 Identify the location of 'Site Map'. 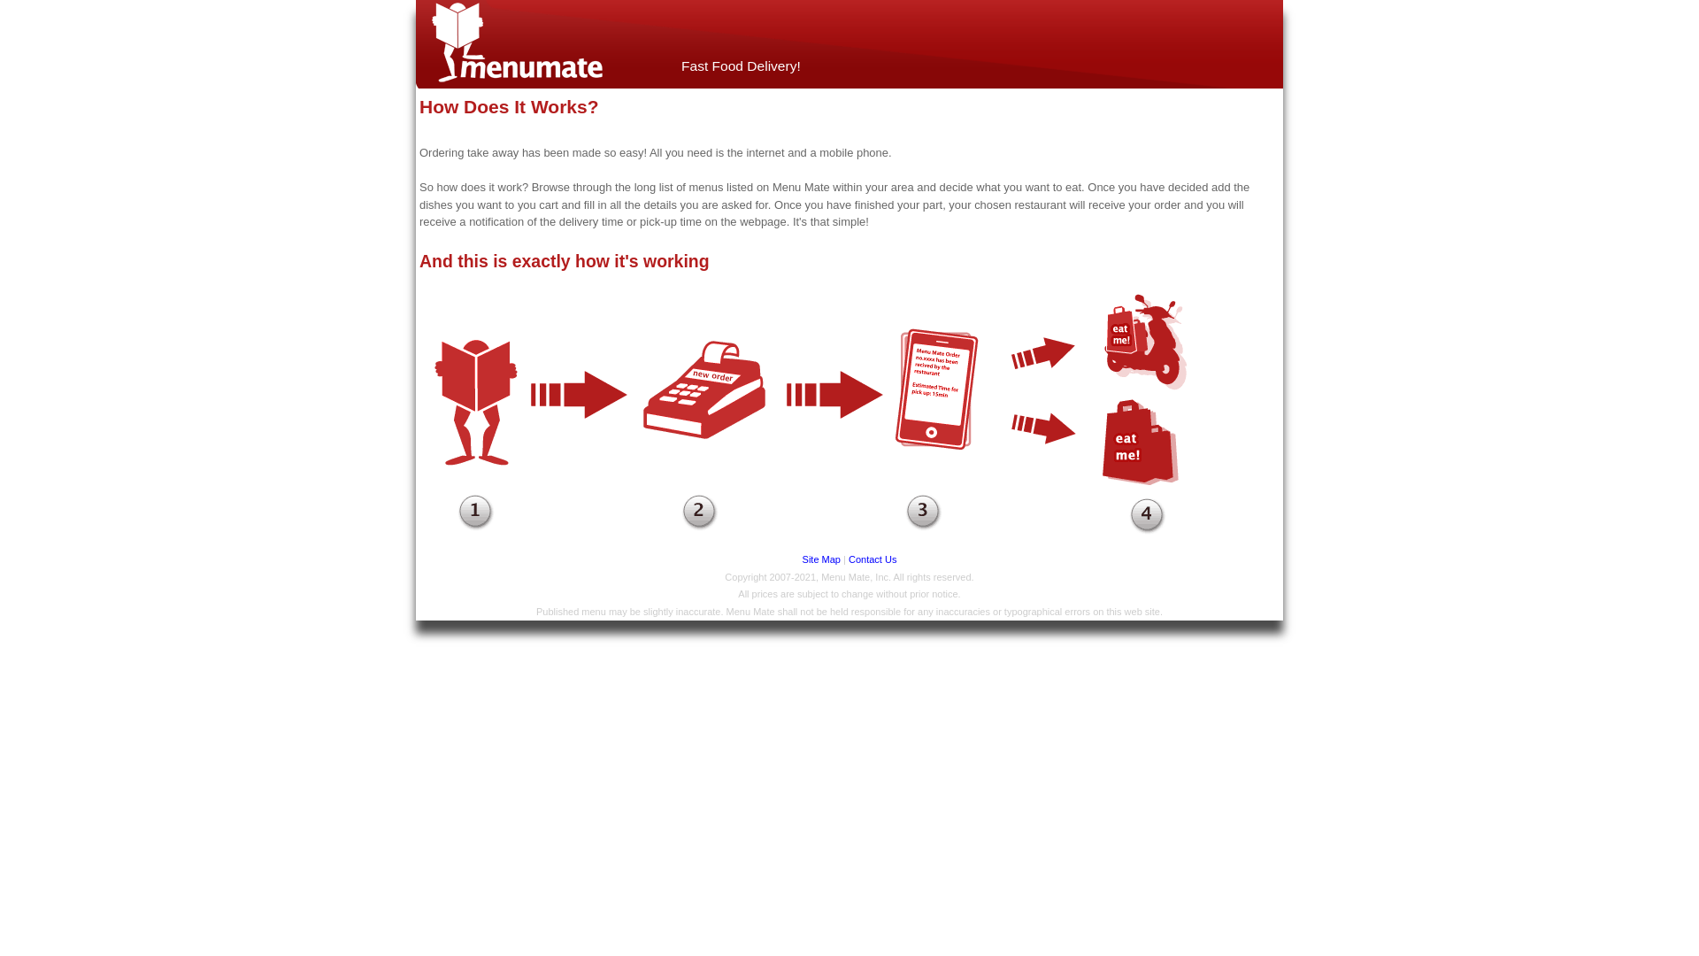
(802, 559).